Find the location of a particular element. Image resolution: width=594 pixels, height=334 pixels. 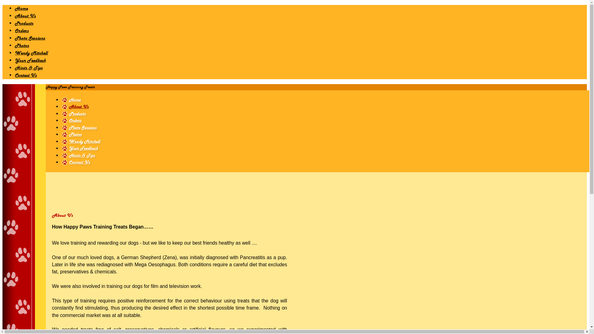

'Home' is located at coordinates (71, 99).